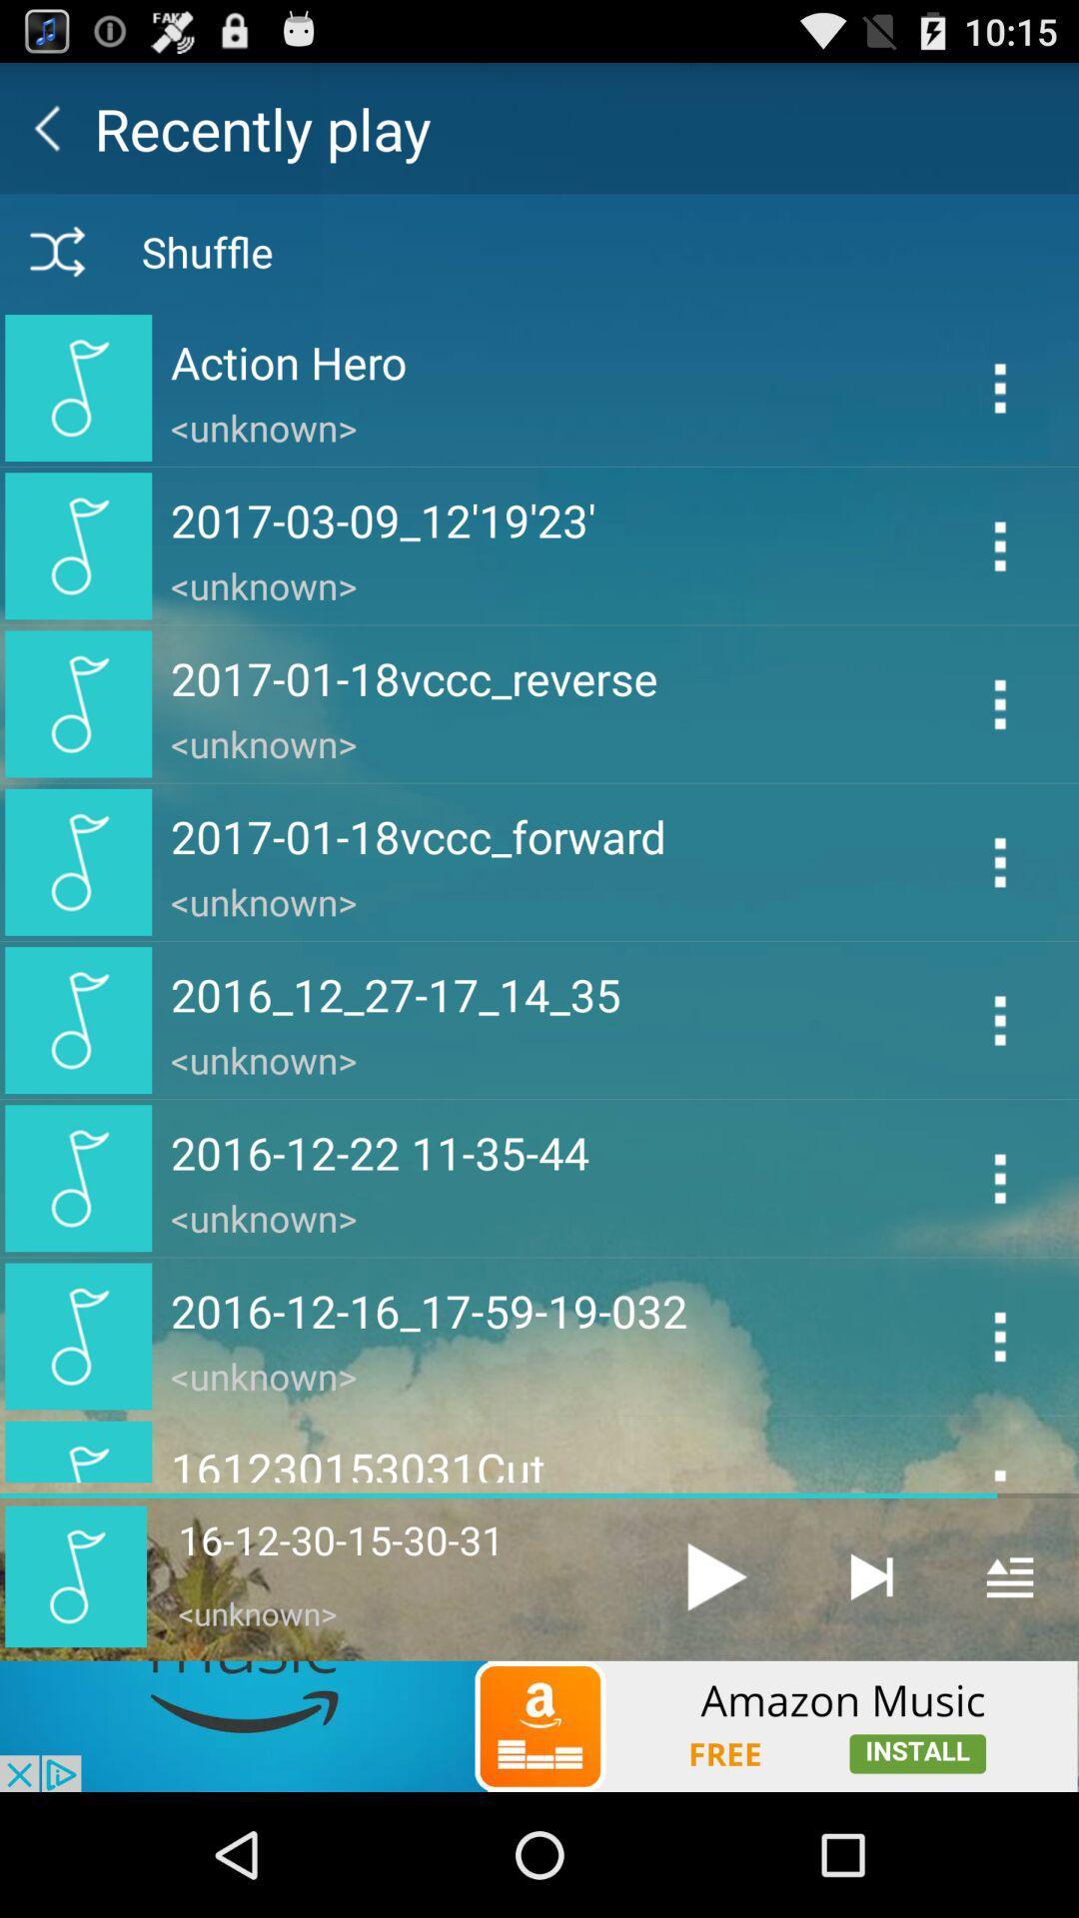 This screenshot has width=1079, height=1918. Describe the element at coordinates (1009, 1575) in the screenshot. I see `open menu` at that location.